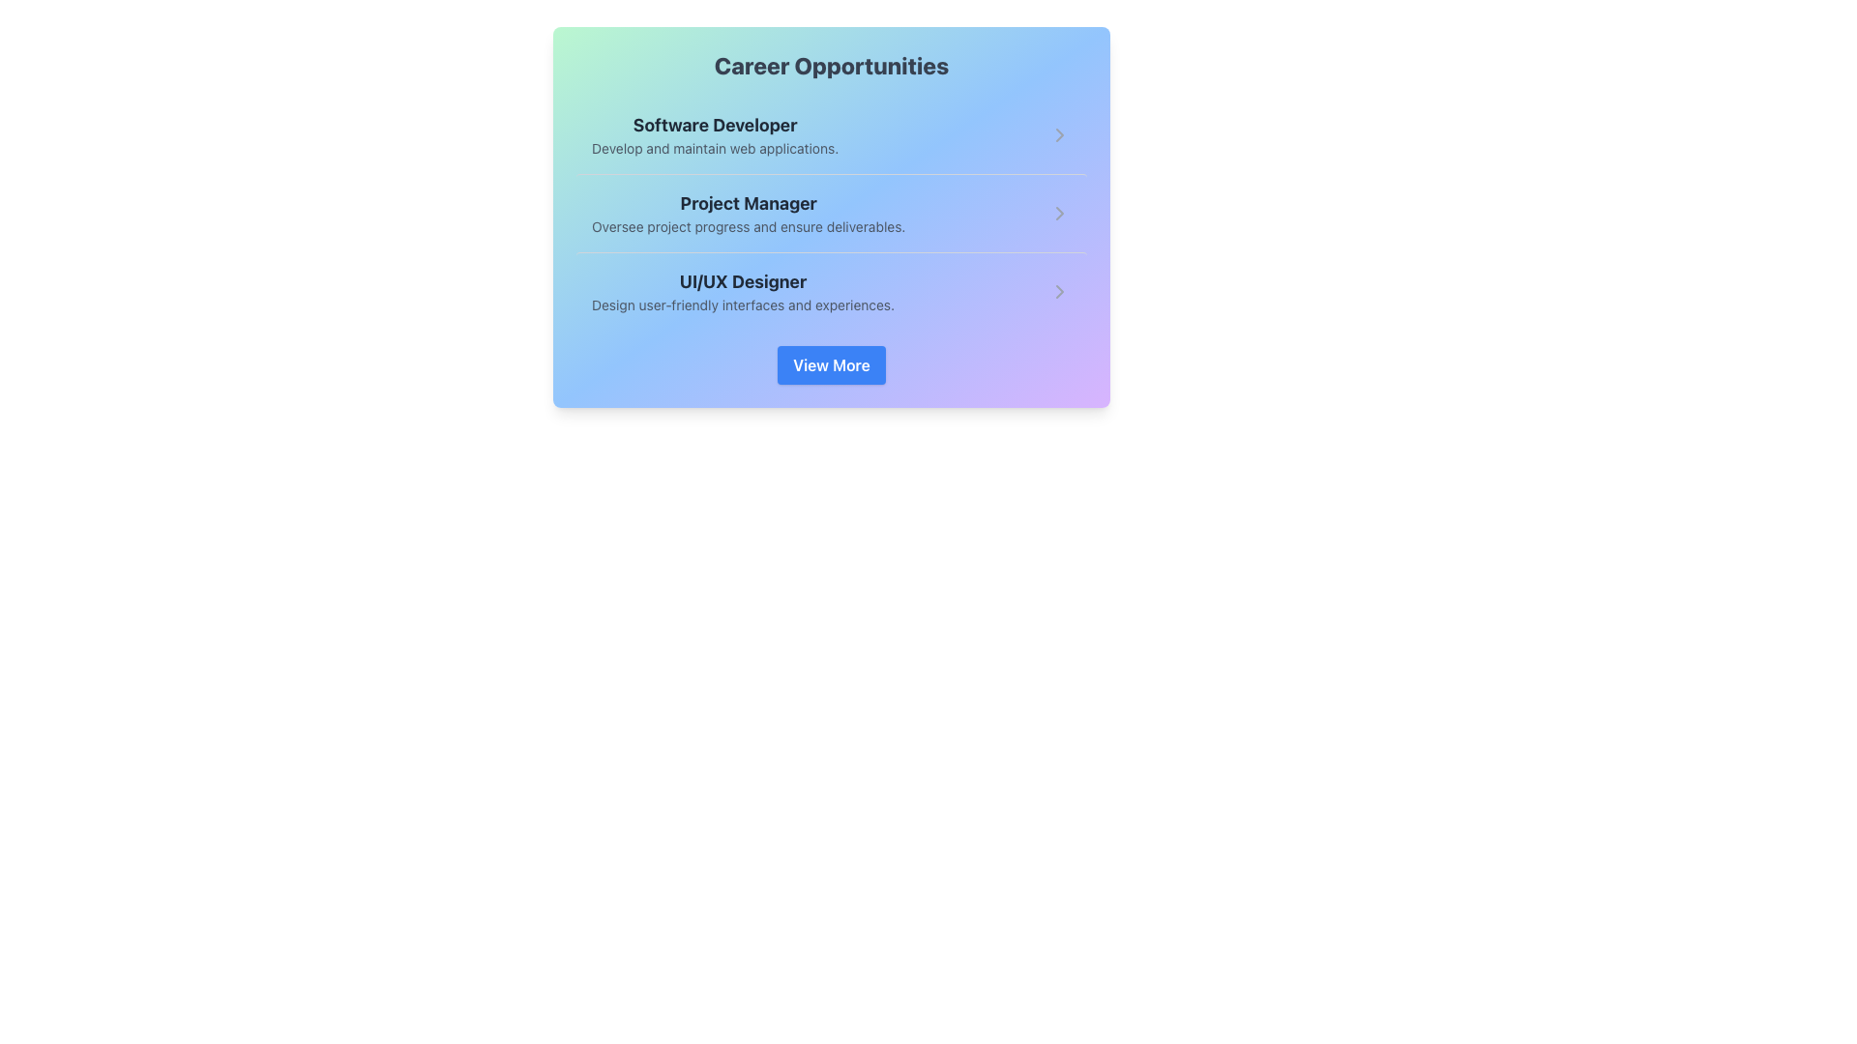 The image size is (1857, 1044). What do you see at coordinates (742, 304) in the screenshot?
I see `the descriptive text about the UI/UX Designer role, which is centrally aligned and located below the 'UI/UX Designer' text` at bounding box center [742, 304].